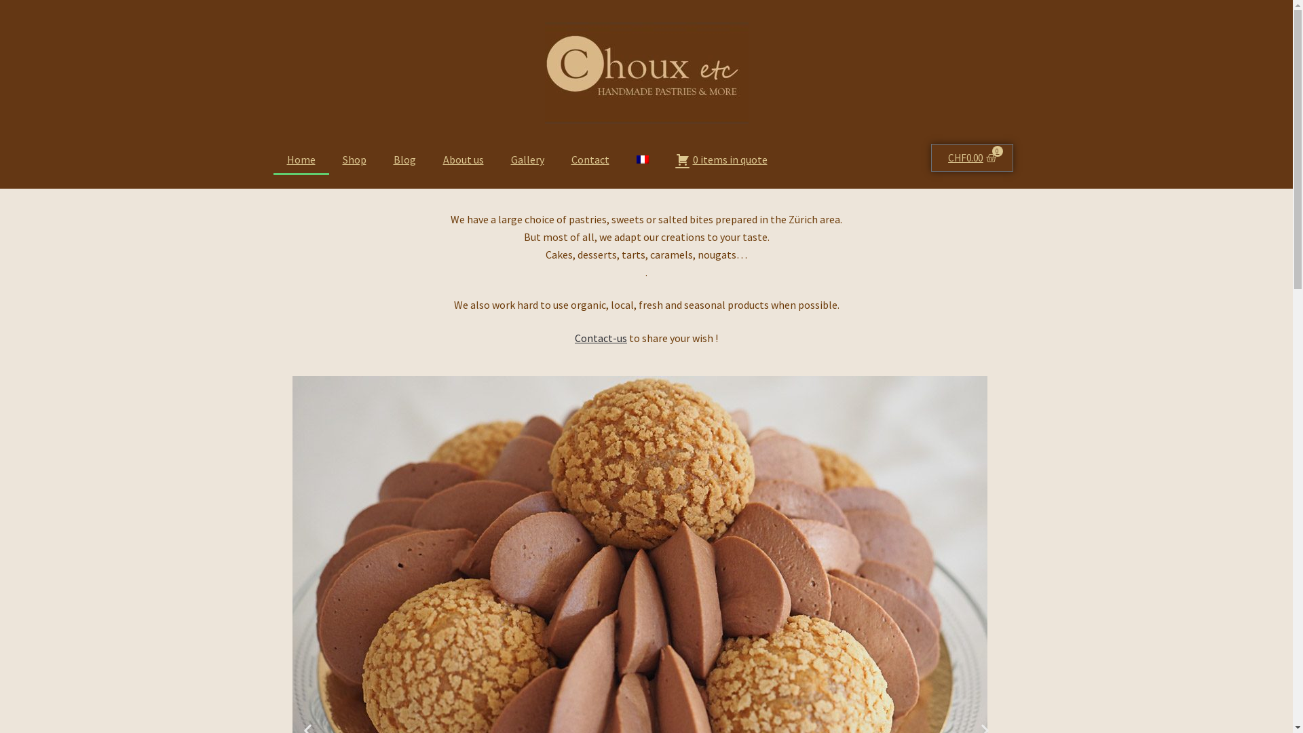 The width and height of the screenshot is (1303, 733). Describe the element at coordinates (354, 159) in the screenshot. I see `'Shop'` at that location.